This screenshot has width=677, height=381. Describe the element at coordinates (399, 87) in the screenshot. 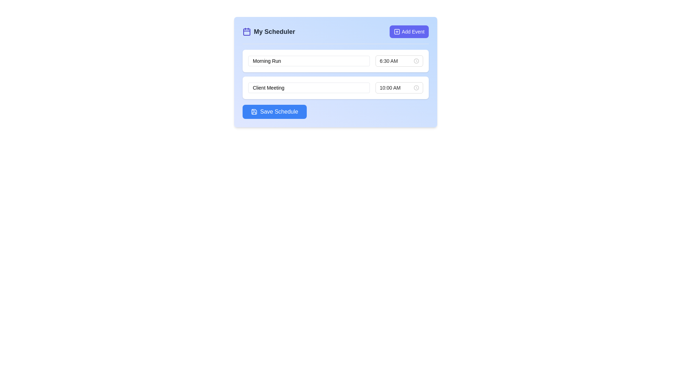

I see `the Time picker input field to manually input a time in '10:00 AM' format` at that location.